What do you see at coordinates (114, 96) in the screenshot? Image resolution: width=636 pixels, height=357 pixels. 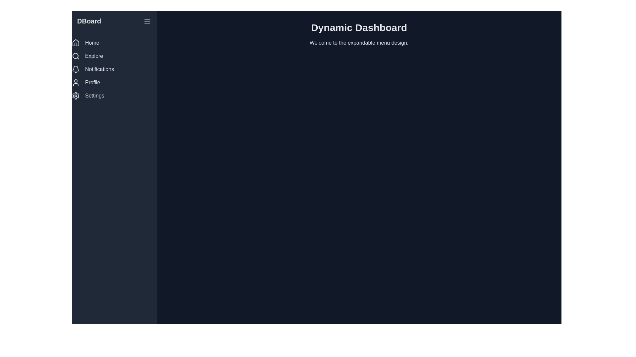 I see `the 'Settings' button in the navigation menu` at bounding box center [114, 96].